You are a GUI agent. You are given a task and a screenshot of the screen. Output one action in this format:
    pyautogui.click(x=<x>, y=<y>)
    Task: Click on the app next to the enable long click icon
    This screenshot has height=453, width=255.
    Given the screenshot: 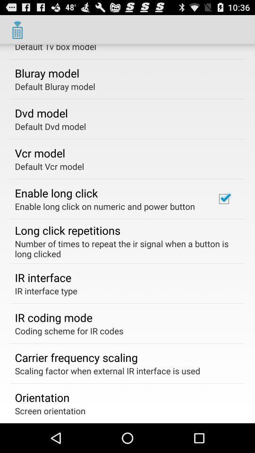 What is the action you would take?
    pyautogui.click(x=223, y=199)
    